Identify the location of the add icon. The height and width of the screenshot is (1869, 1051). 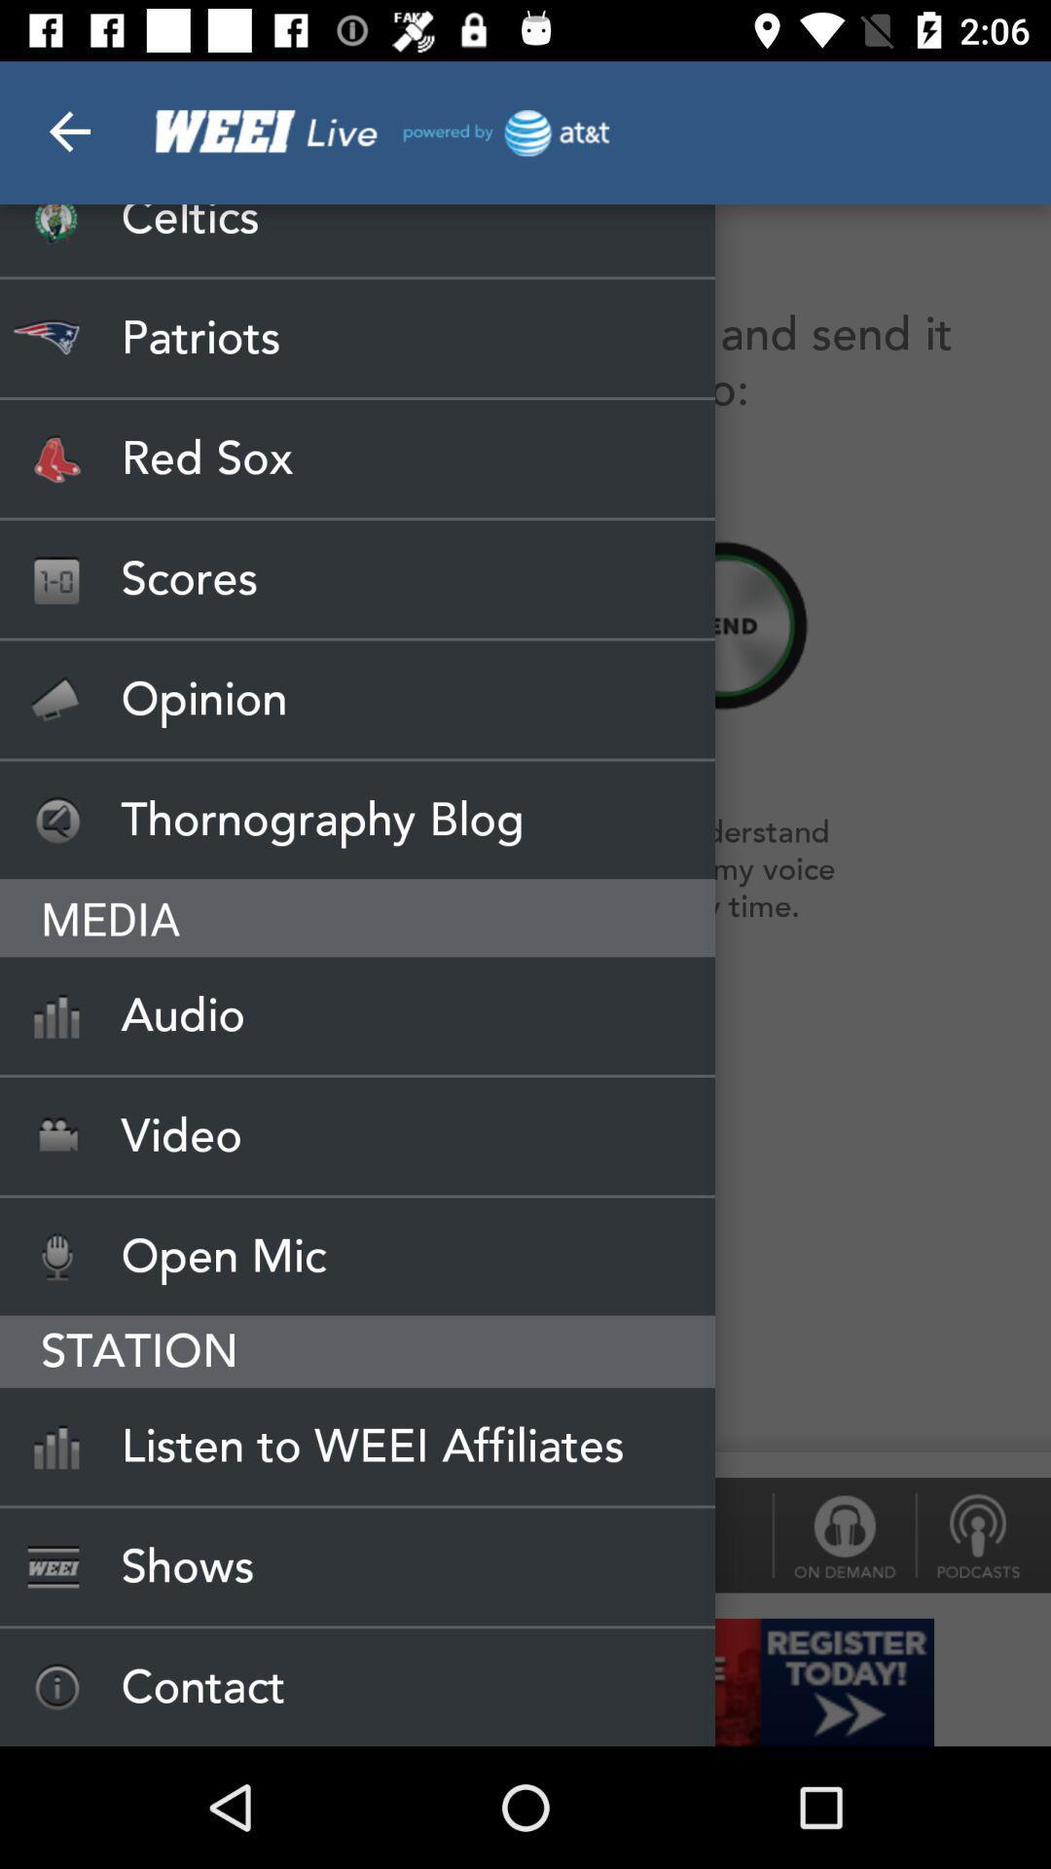
(723, 625).